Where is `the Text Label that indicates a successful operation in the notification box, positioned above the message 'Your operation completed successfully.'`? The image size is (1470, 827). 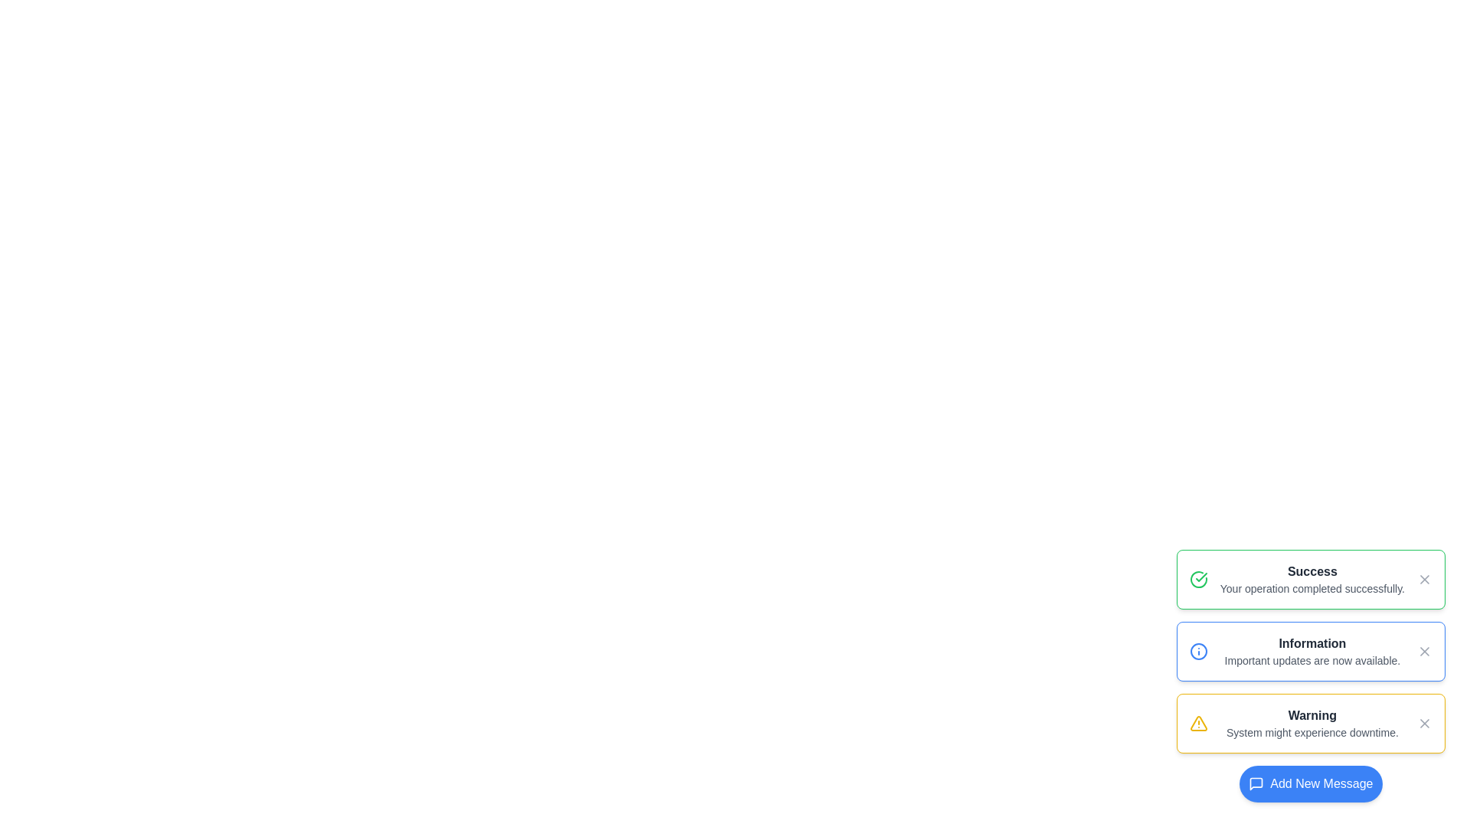
the Text Label that indicates a successful operation in the notification box, positioned above the message 'Your operation completed successfully.' is located at coordinates (1312, 572).